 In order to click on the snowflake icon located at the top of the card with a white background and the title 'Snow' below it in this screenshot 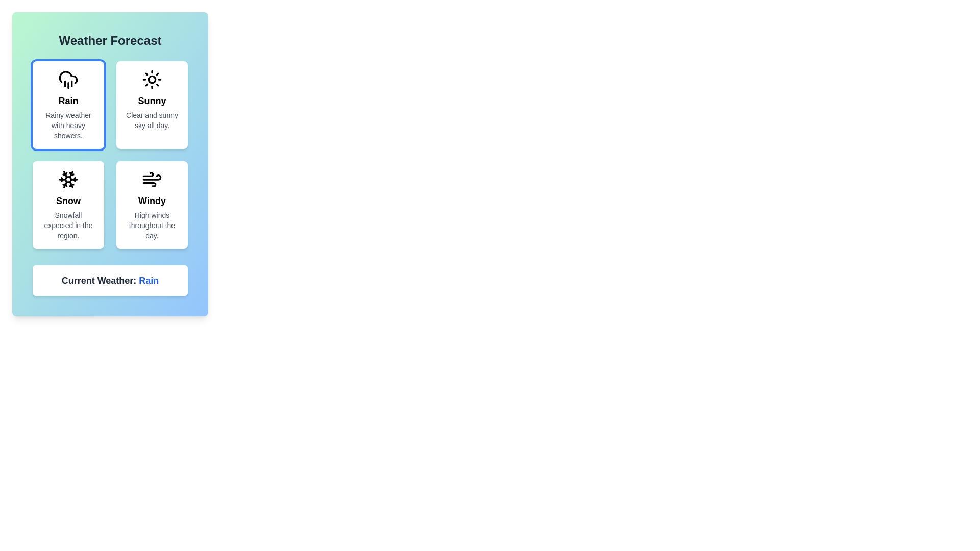, I will do `click(68, 179)`.